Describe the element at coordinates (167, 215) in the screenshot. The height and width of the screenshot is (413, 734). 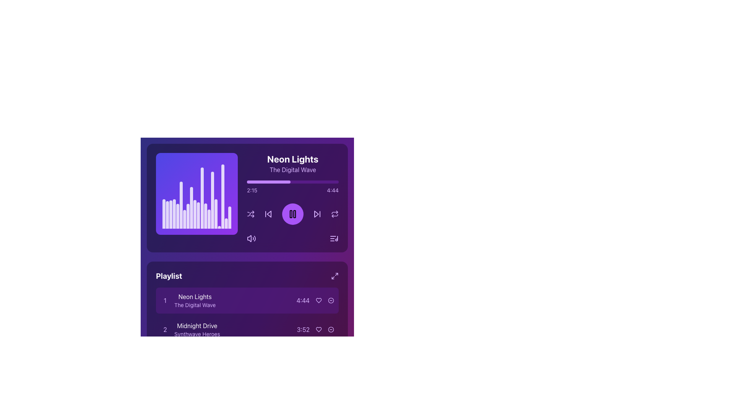
I see `the second vertical bar of the visualizer component located in the top-left section of the interface, which visually represents data such as audio levels or frequency amplitudes` at that location.